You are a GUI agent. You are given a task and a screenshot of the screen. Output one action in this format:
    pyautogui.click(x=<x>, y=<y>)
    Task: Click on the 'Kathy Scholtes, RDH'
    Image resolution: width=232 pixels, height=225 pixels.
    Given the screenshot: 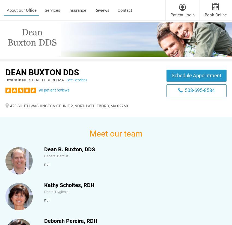 What is the action you would take?
    pyautogui.click(x=69, y=185)
    